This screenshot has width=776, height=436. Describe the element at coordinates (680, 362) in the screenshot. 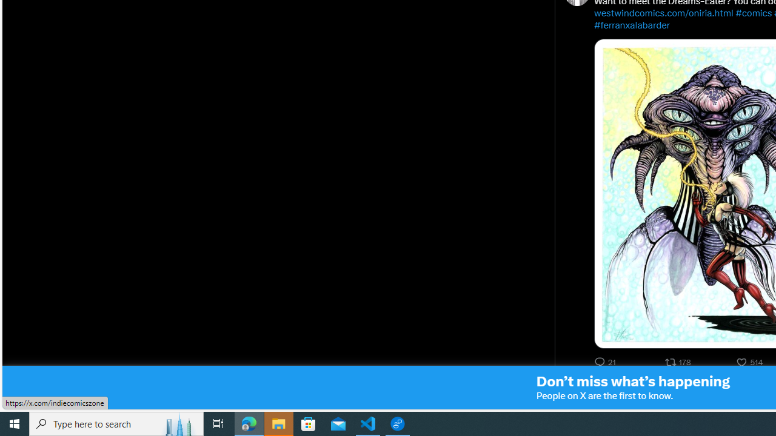

I see `'178 reposts. Repost'` at that location.